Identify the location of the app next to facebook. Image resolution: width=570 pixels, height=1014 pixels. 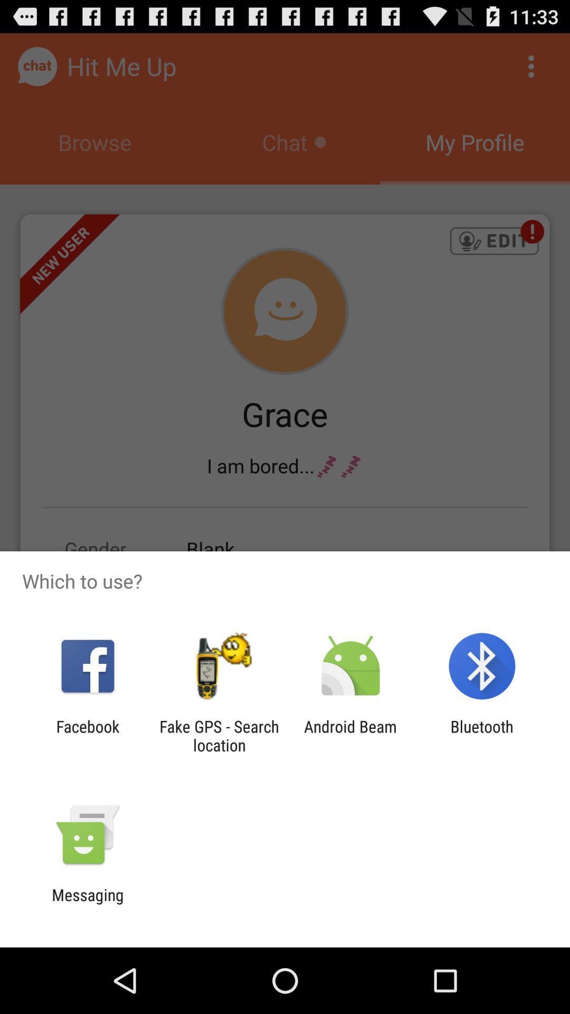
(218, 735).